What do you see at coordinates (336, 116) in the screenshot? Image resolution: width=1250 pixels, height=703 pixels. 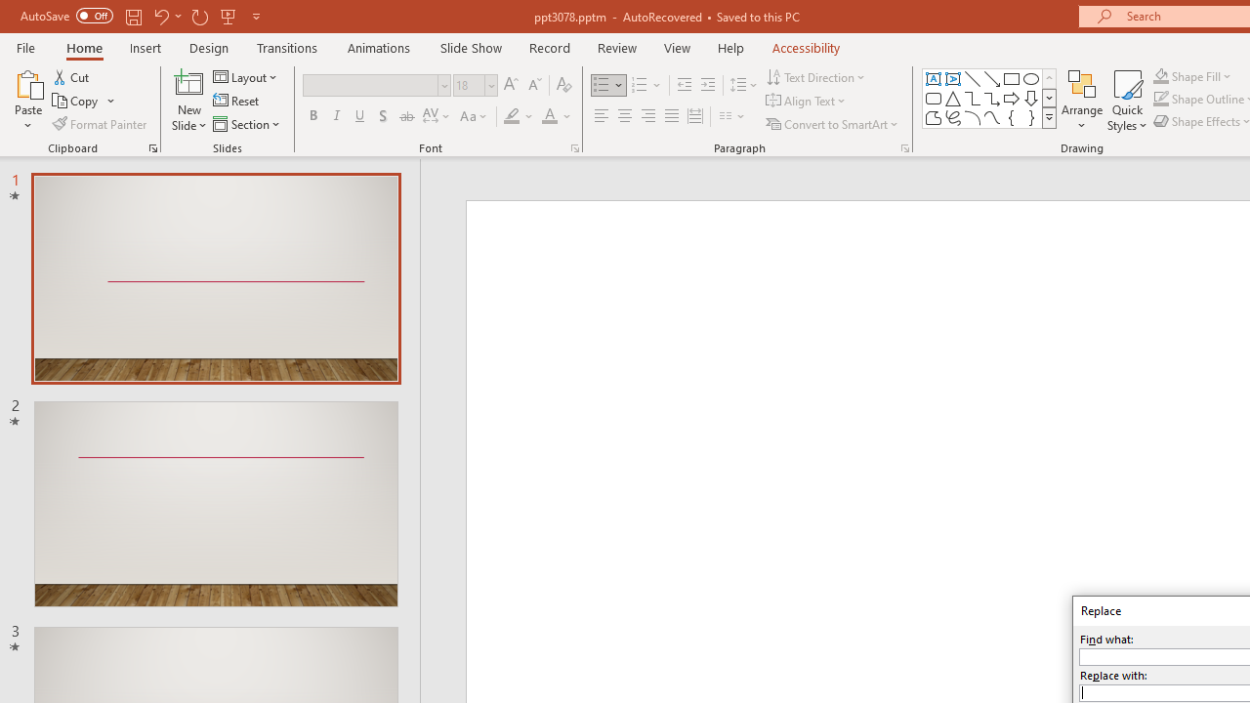 I see `'Italic'` at bounding box center [336, 116].